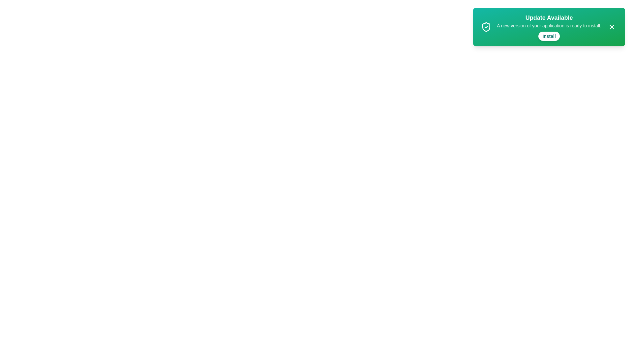 This screenshot has width=633, height=356. Describe the element at coordinates (612, 26) in the screenshot. I see `the close button (X) to dismiss the notification` at that location.